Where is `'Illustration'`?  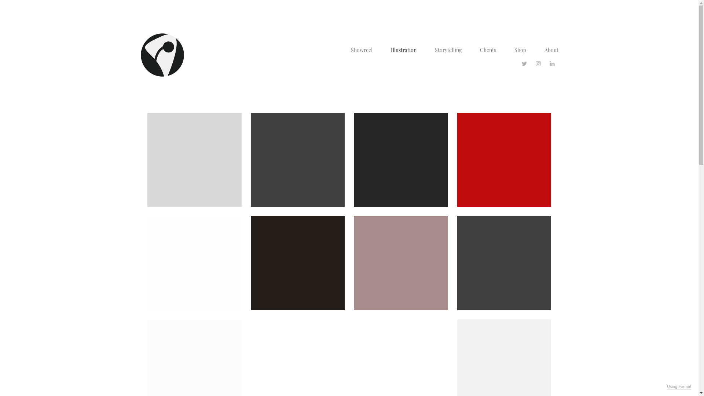 'Illustration' is located at coordinates (403, 49).